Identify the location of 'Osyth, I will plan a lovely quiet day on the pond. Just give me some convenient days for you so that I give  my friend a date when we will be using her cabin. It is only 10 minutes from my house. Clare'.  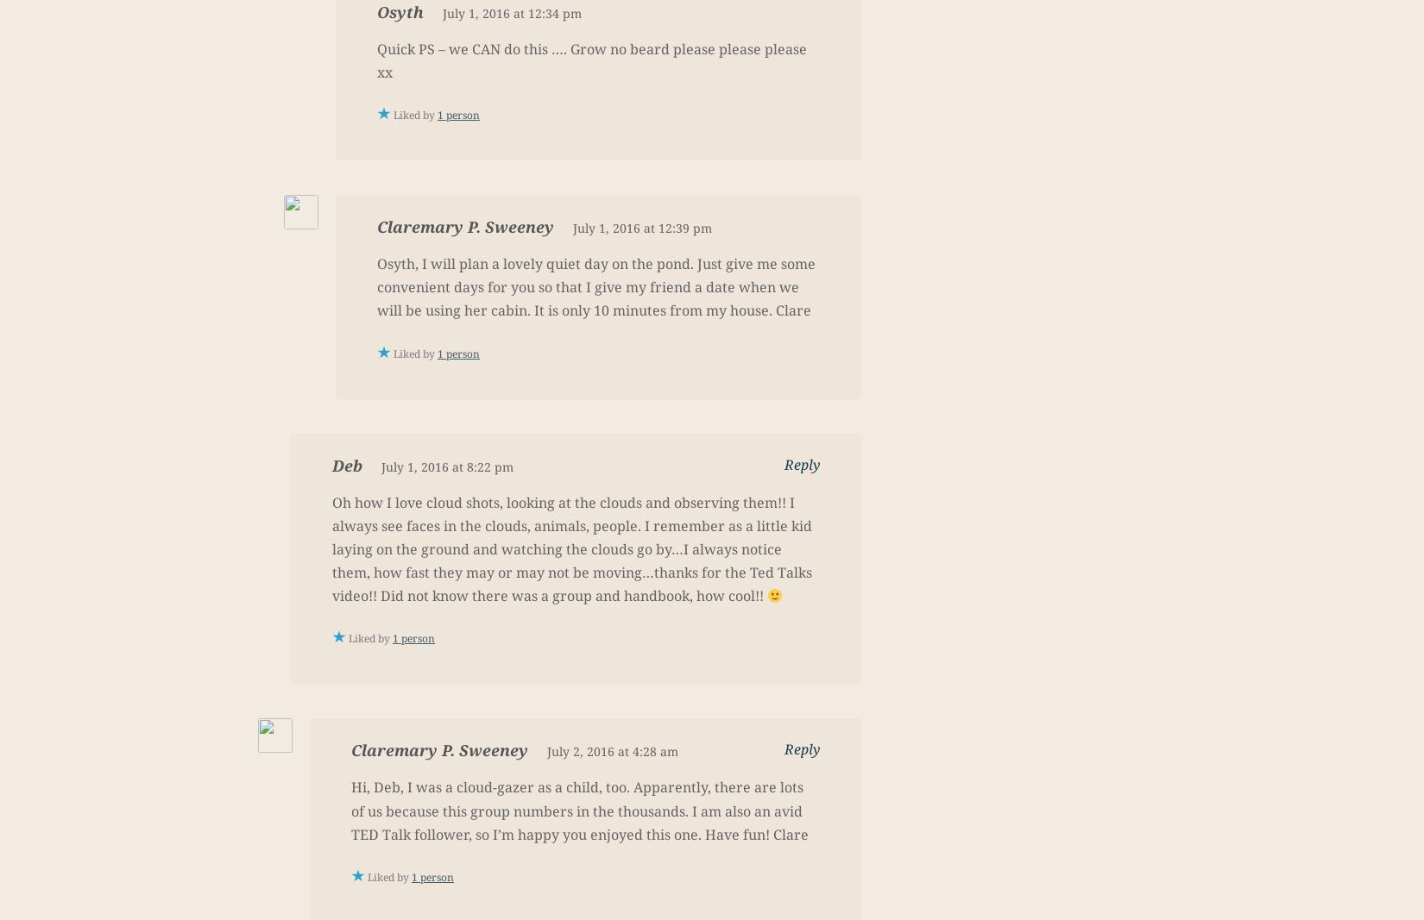
(595, 286).